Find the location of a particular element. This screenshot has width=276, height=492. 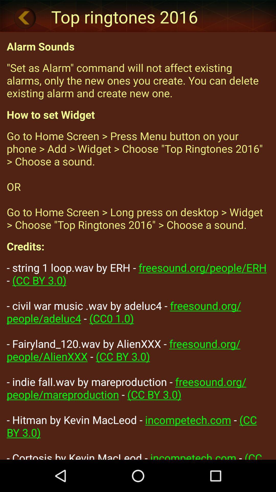

item below credits: is located at coordinates (138, 360).